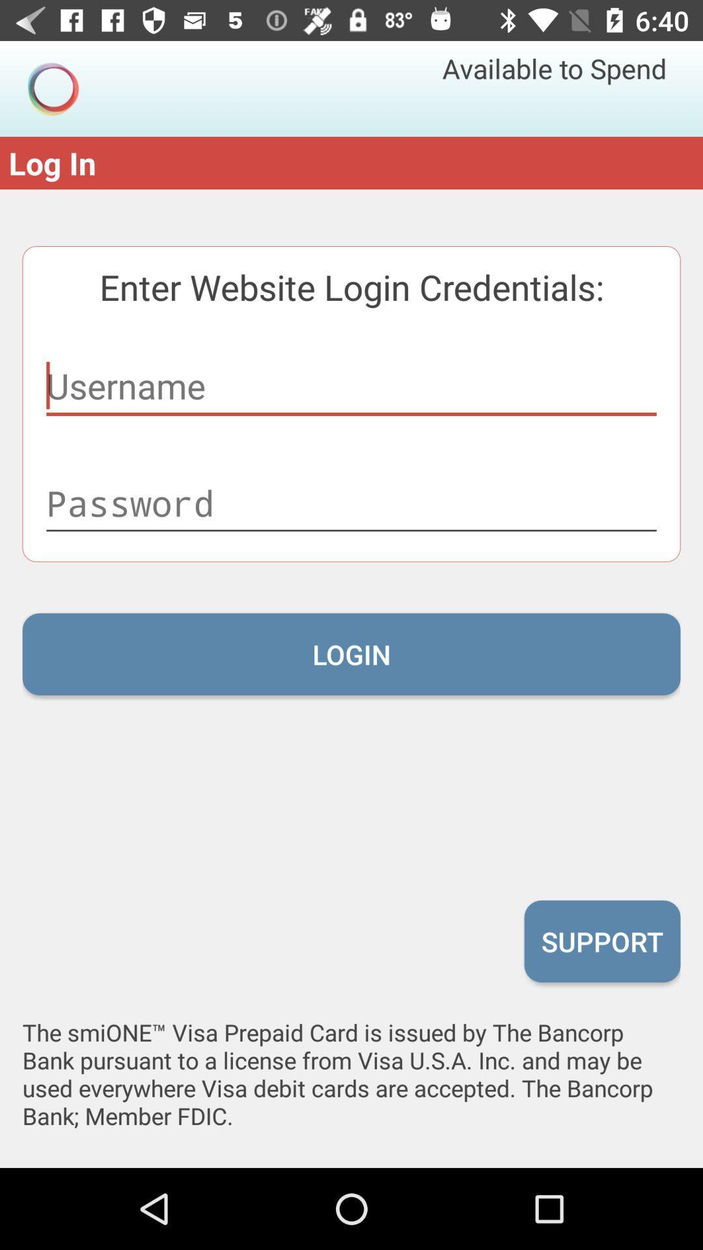 The image size is (703, 1250). What do you see at coordinates (351, 385) in the screenshot?
I see `username to login` at bounding box center [351, 385].